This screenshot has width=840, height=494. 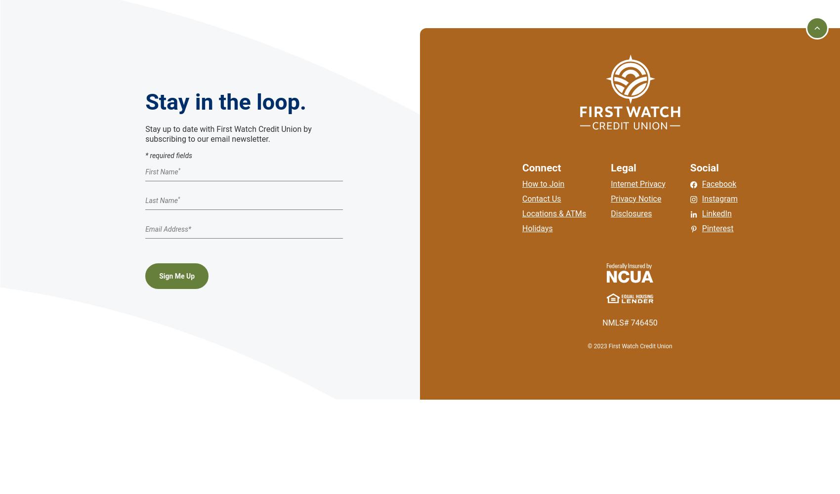 What do you see at coordinates (161, 201) in the screenshot?
I see `'Last Name'` at bounding box center [161, 201].